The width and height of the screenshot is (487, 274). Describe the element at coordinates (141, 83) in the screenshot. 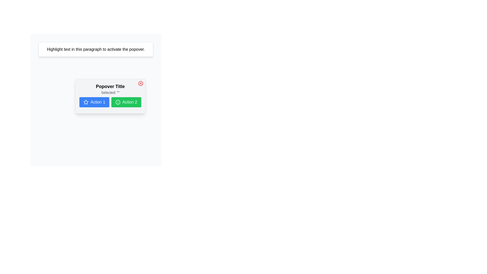

I see `the close button located at the top-right corner of the popover interface` at that location.